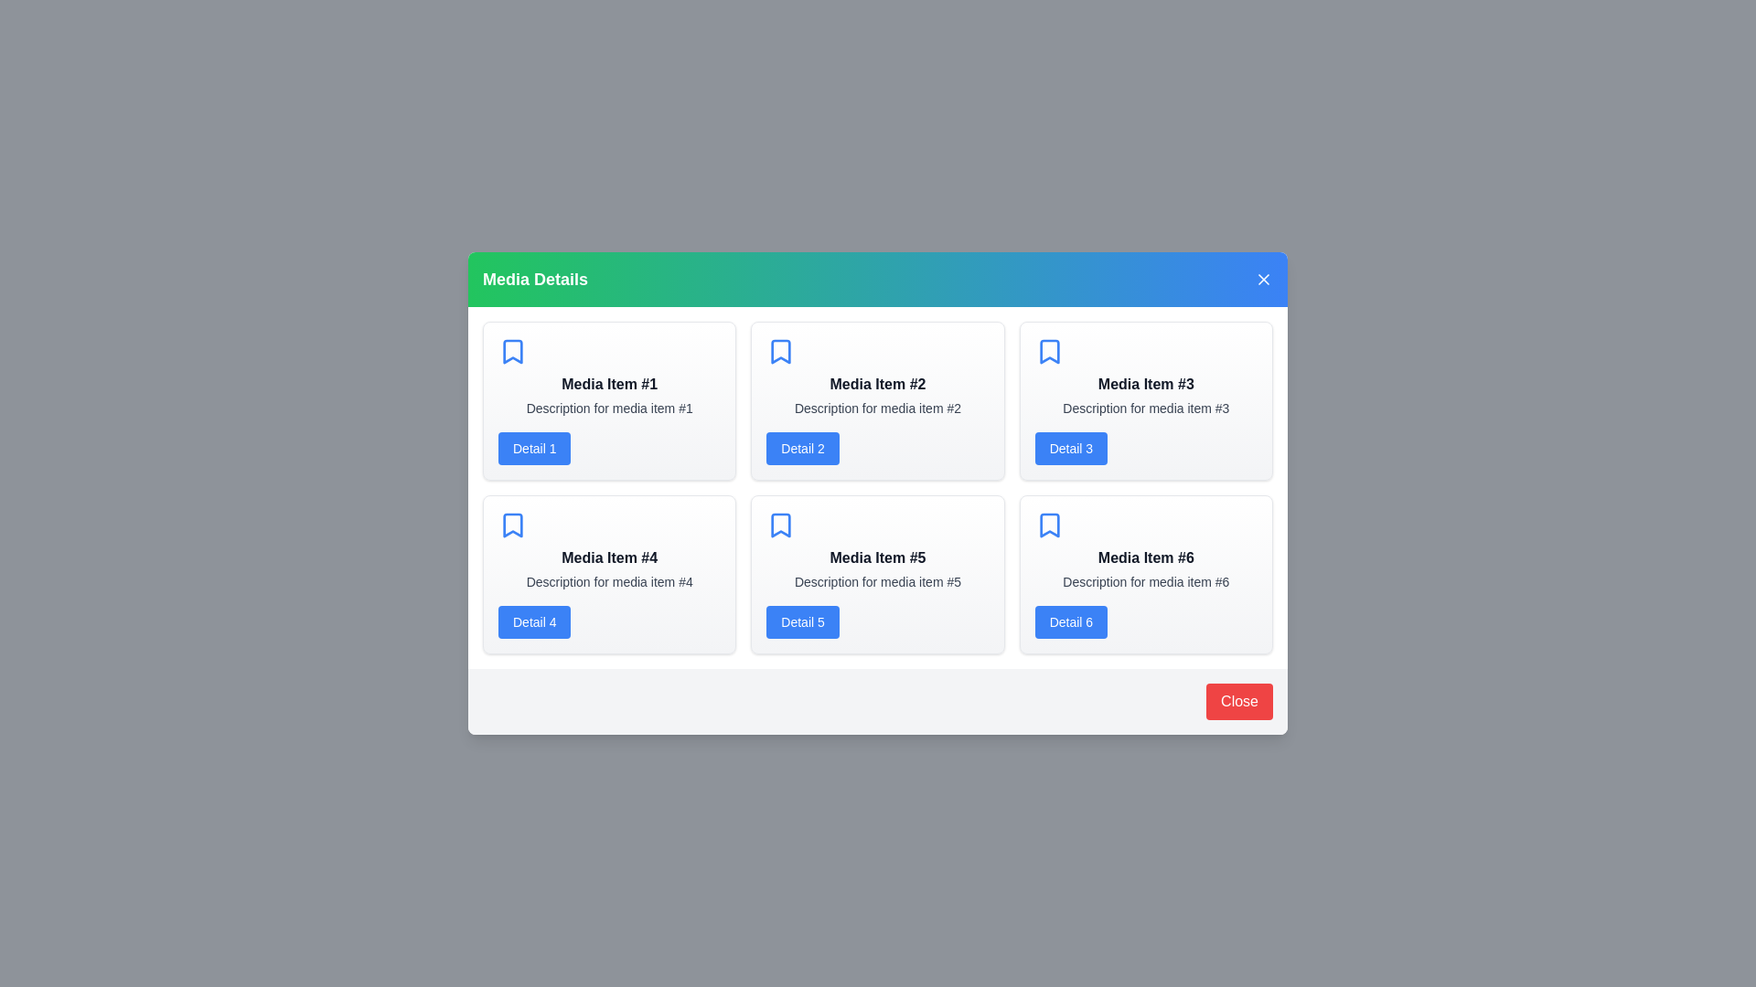 This screenshot has width=1756, height=987. What do you see at coordinates (803, 621) in the screenshot?
I see `the 'Detail 5' button for a specific media item` at bounding box center [803, 621].